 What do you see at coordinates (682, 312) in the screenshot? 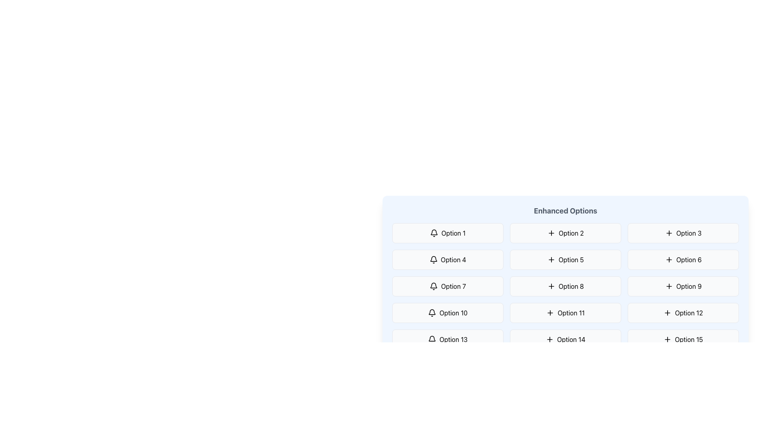
I see `the button labeled 'Option 12' which has a plus icon and is styled with rounded corners, positioned at the bottom-right of the fourth row in a 3-column grid layout` at bounding box center [682, 312].